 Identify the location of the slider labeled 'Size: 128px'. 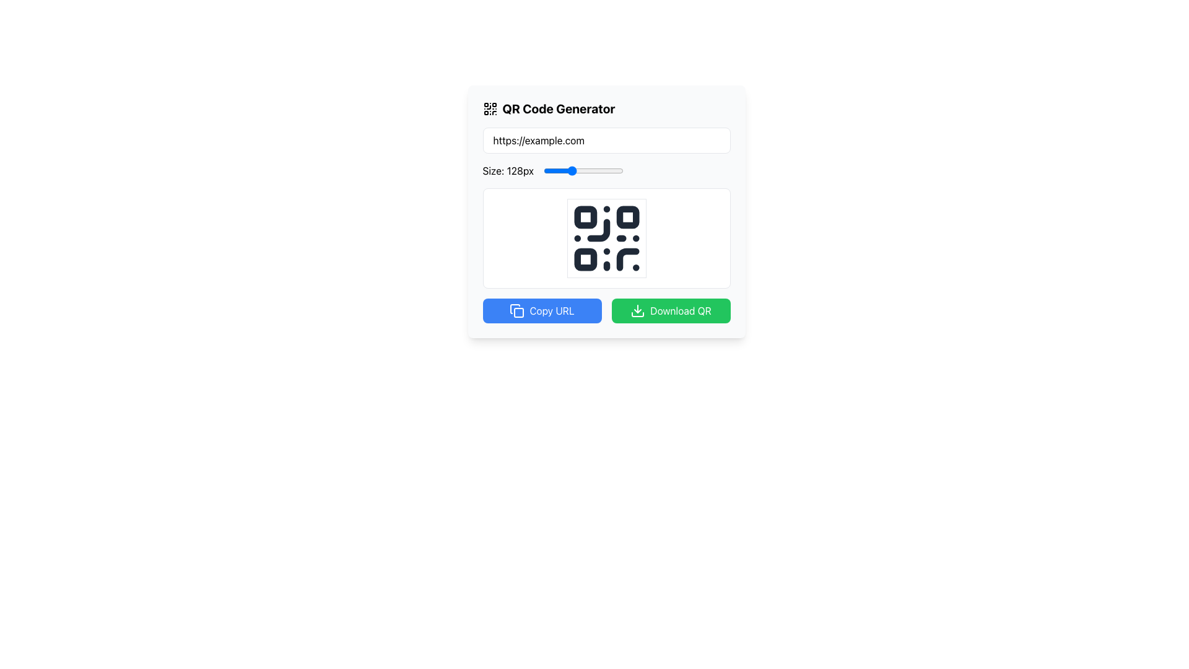
(606, 171).